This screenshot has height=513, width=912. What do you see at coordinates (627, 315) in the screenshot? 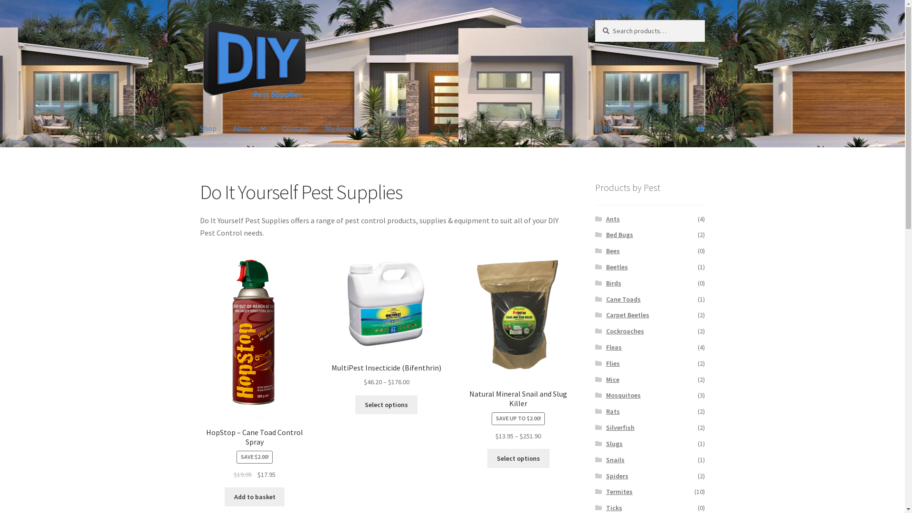
I see `'Carpet Beetles'` at bounding box center [627, 315].